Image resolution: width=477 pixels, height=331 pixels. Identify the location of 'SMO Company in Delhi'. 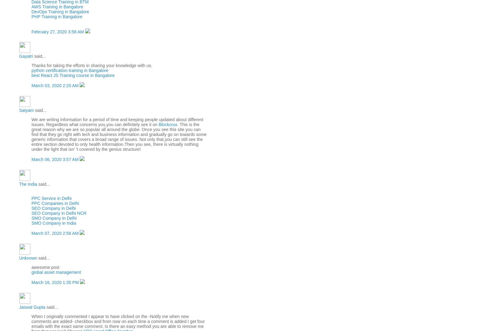
(54, 218).